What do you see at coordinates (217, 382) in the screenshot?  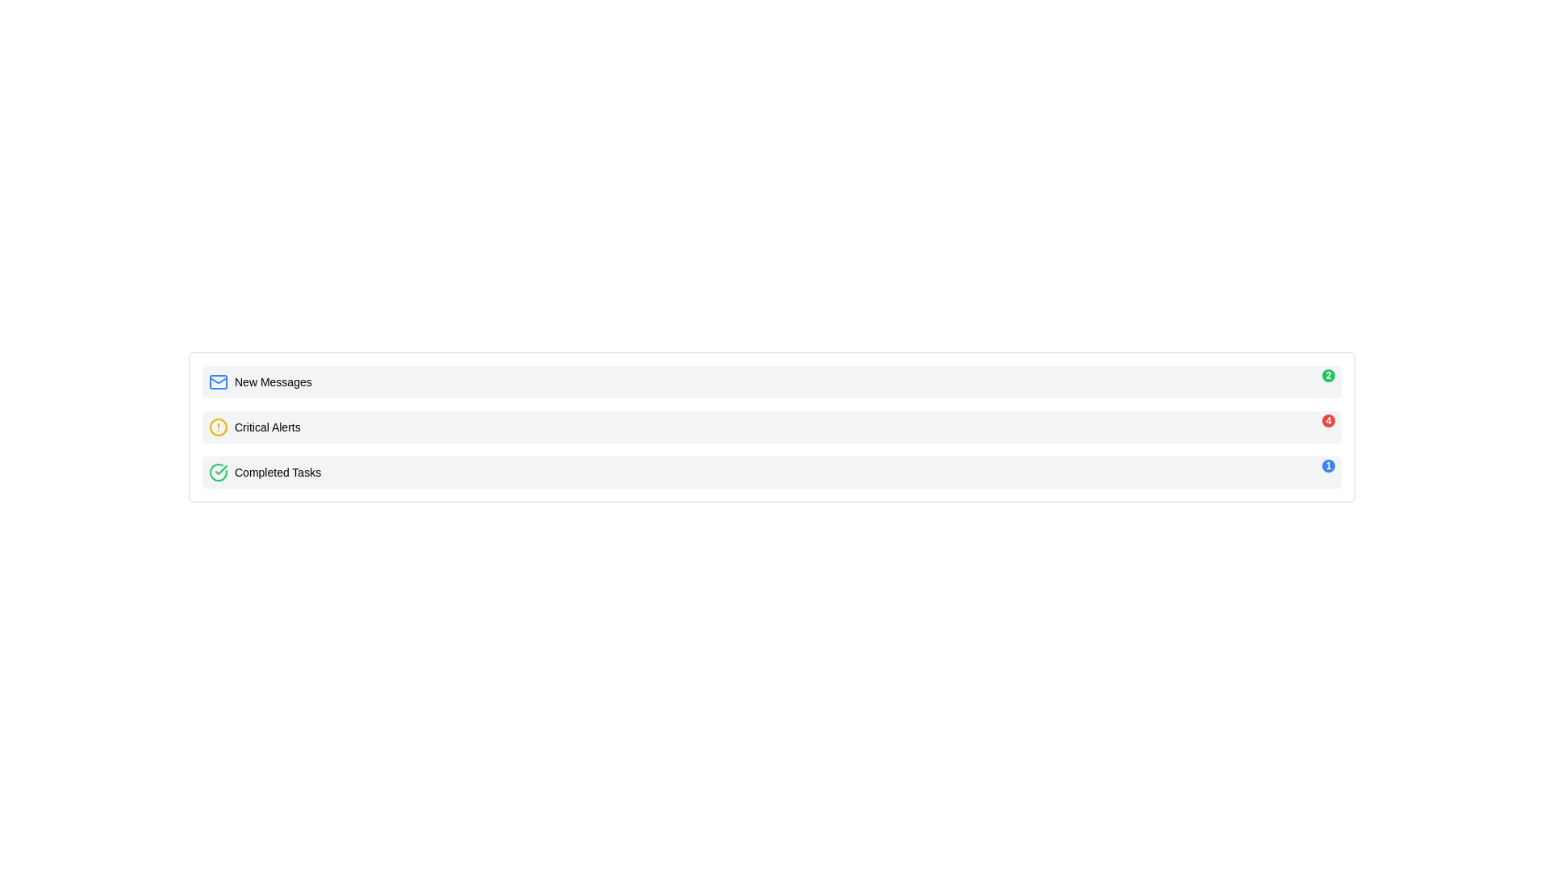 I see `the main body of the envelope icon, which represents mail or message, located slightly below the top-left corner of the icon and associated with the 'New Messages' label` at bounding box center [217, 382].